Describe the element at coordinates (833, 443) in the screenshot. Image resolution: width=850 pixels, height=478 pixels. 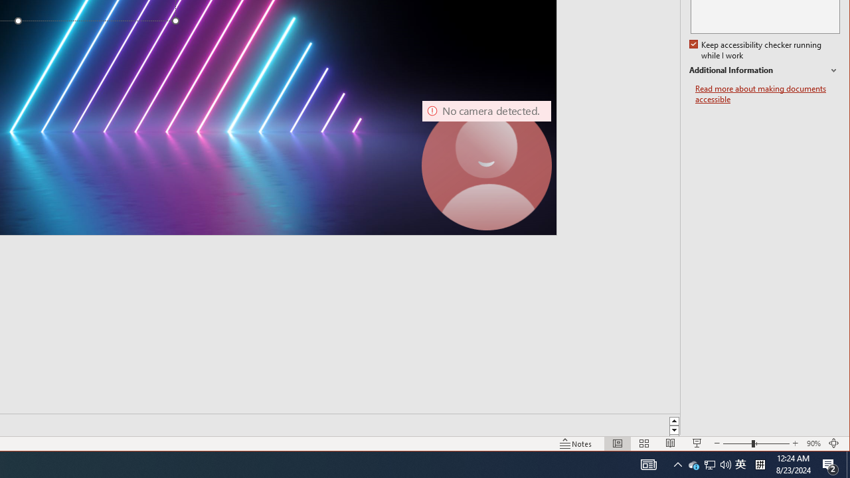
I see `'Zoom to Fit '` at that location.